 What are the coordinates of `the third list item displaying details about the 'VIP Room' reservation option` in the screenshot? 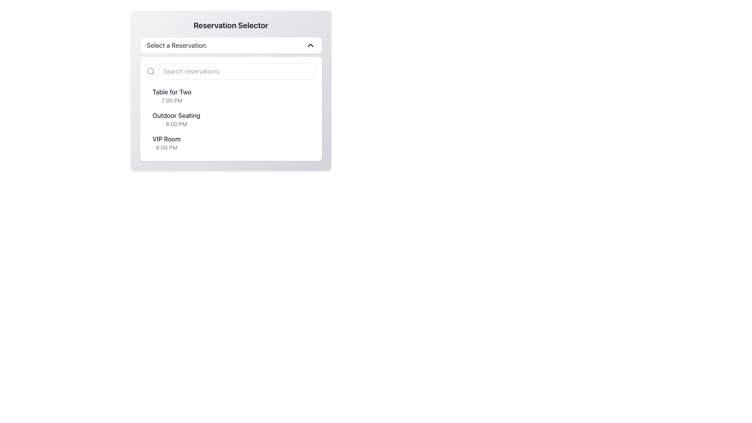 It's located at (166, 143).